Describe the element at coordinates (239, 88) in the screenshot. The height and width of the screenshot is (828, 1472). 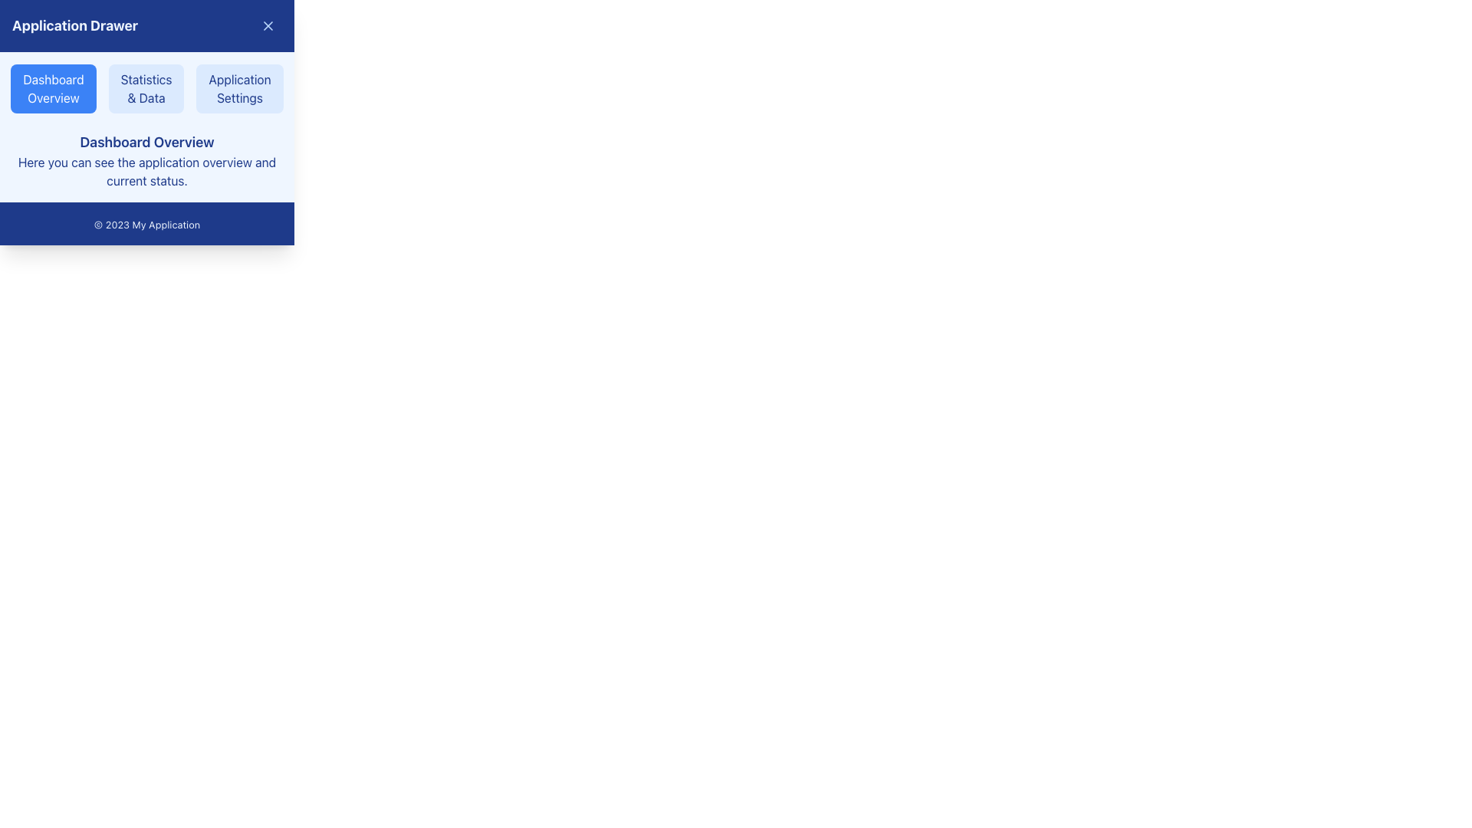
I see `the 'Application Settings' button, which is a rectangular button with rounded corners and labeled in blue text on a light blue background, to trigger hover effects` at that location.